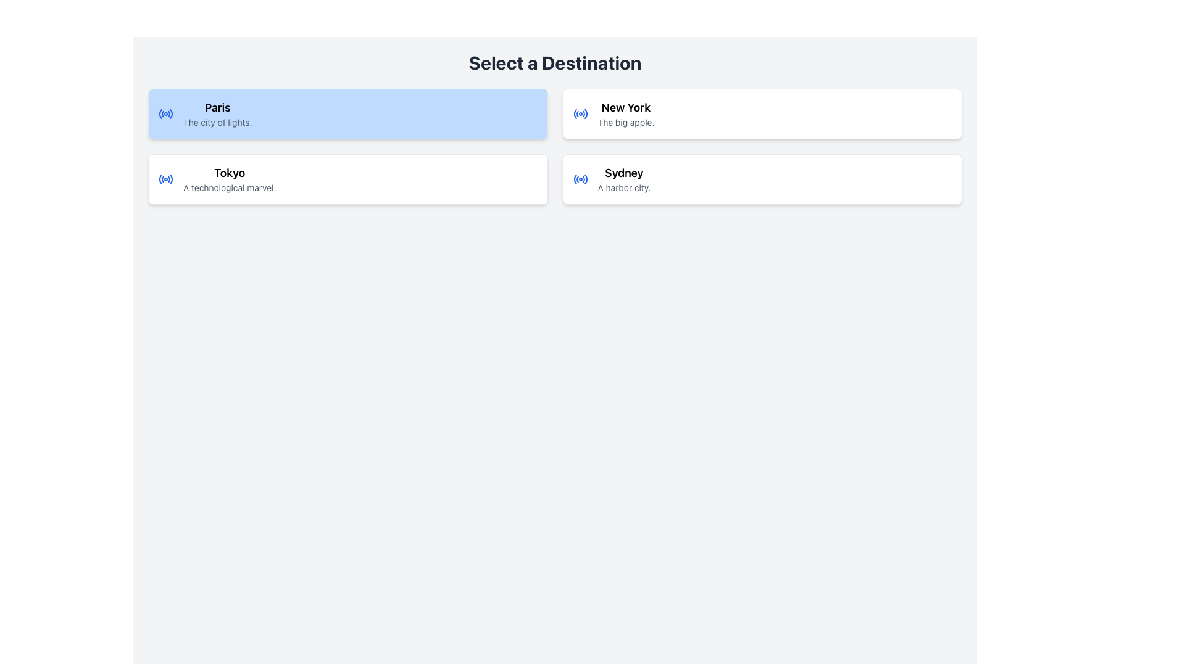  What do you see at coordinates (624, 187) in the screenshot?
I see `the text label reading 'A harbor city.' located beneath the title 'Sydney' in the right-bottom card of the 'Select a Destination' interface` at bounding box center [624, 187].